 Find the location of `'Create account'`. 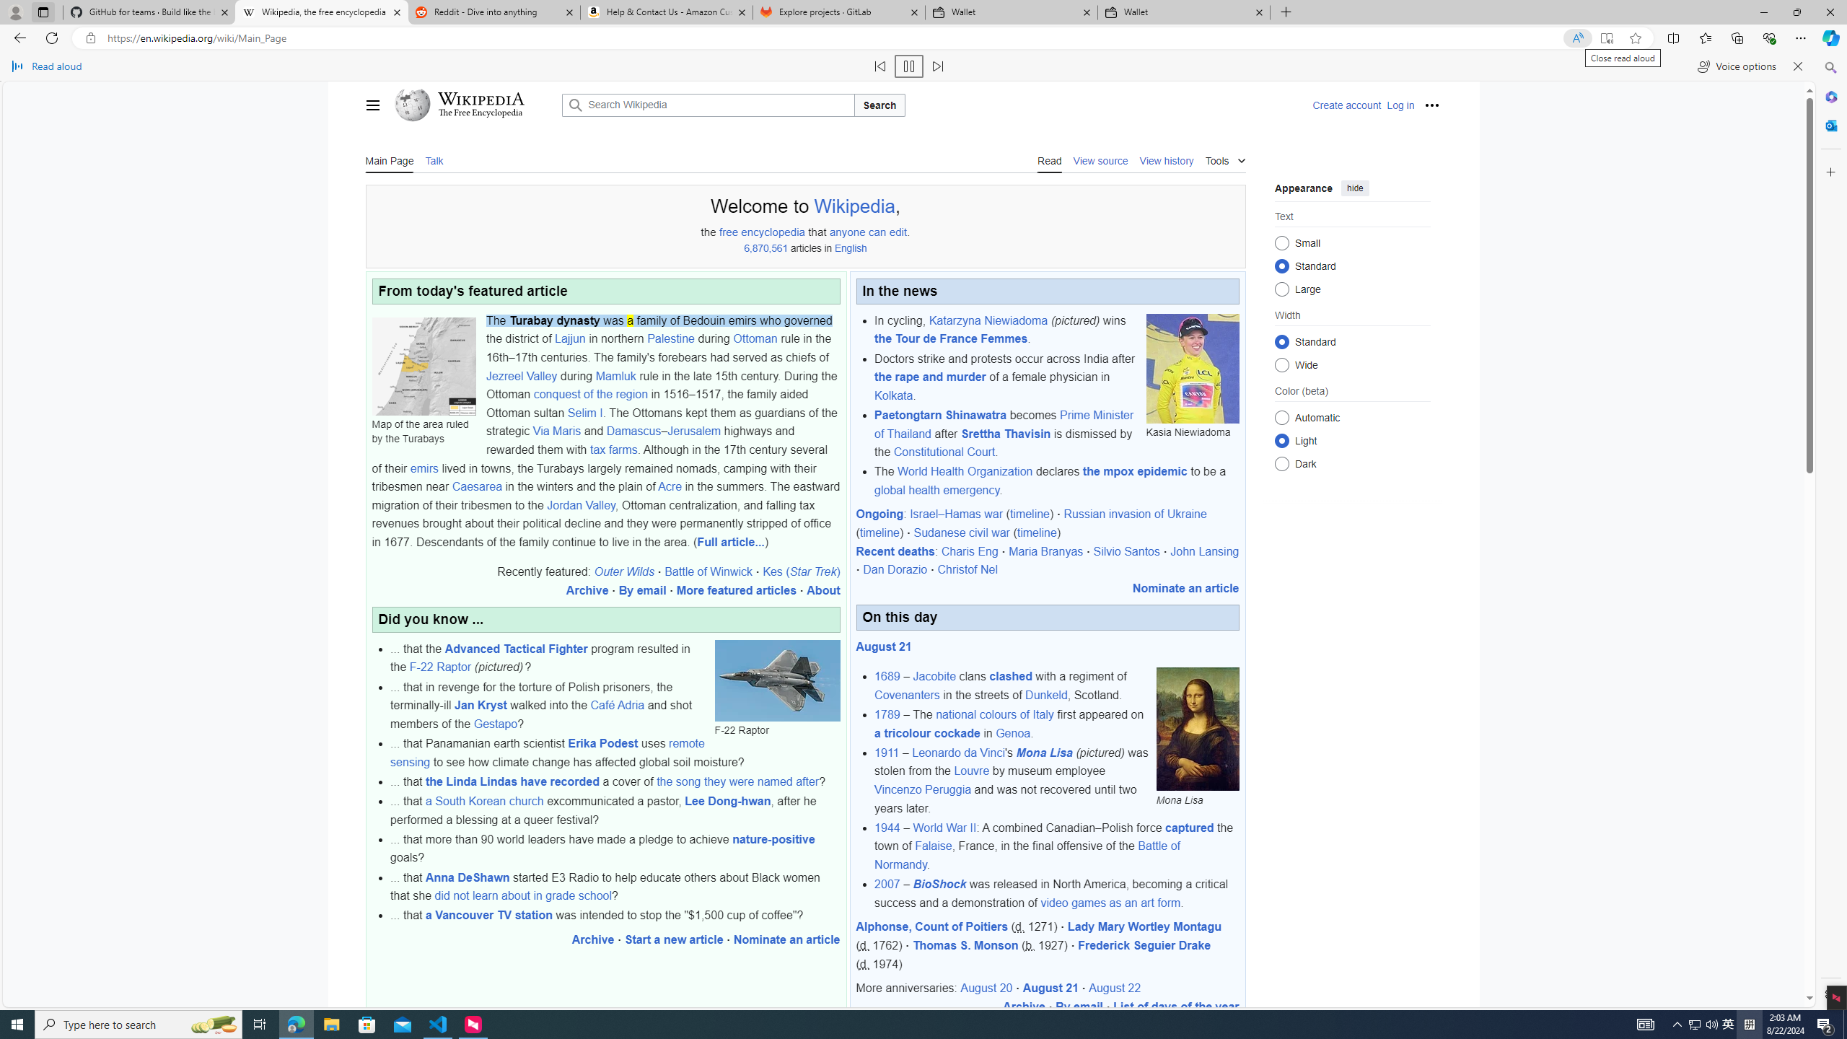

'Create account' is located at coordinates (1347, 105).